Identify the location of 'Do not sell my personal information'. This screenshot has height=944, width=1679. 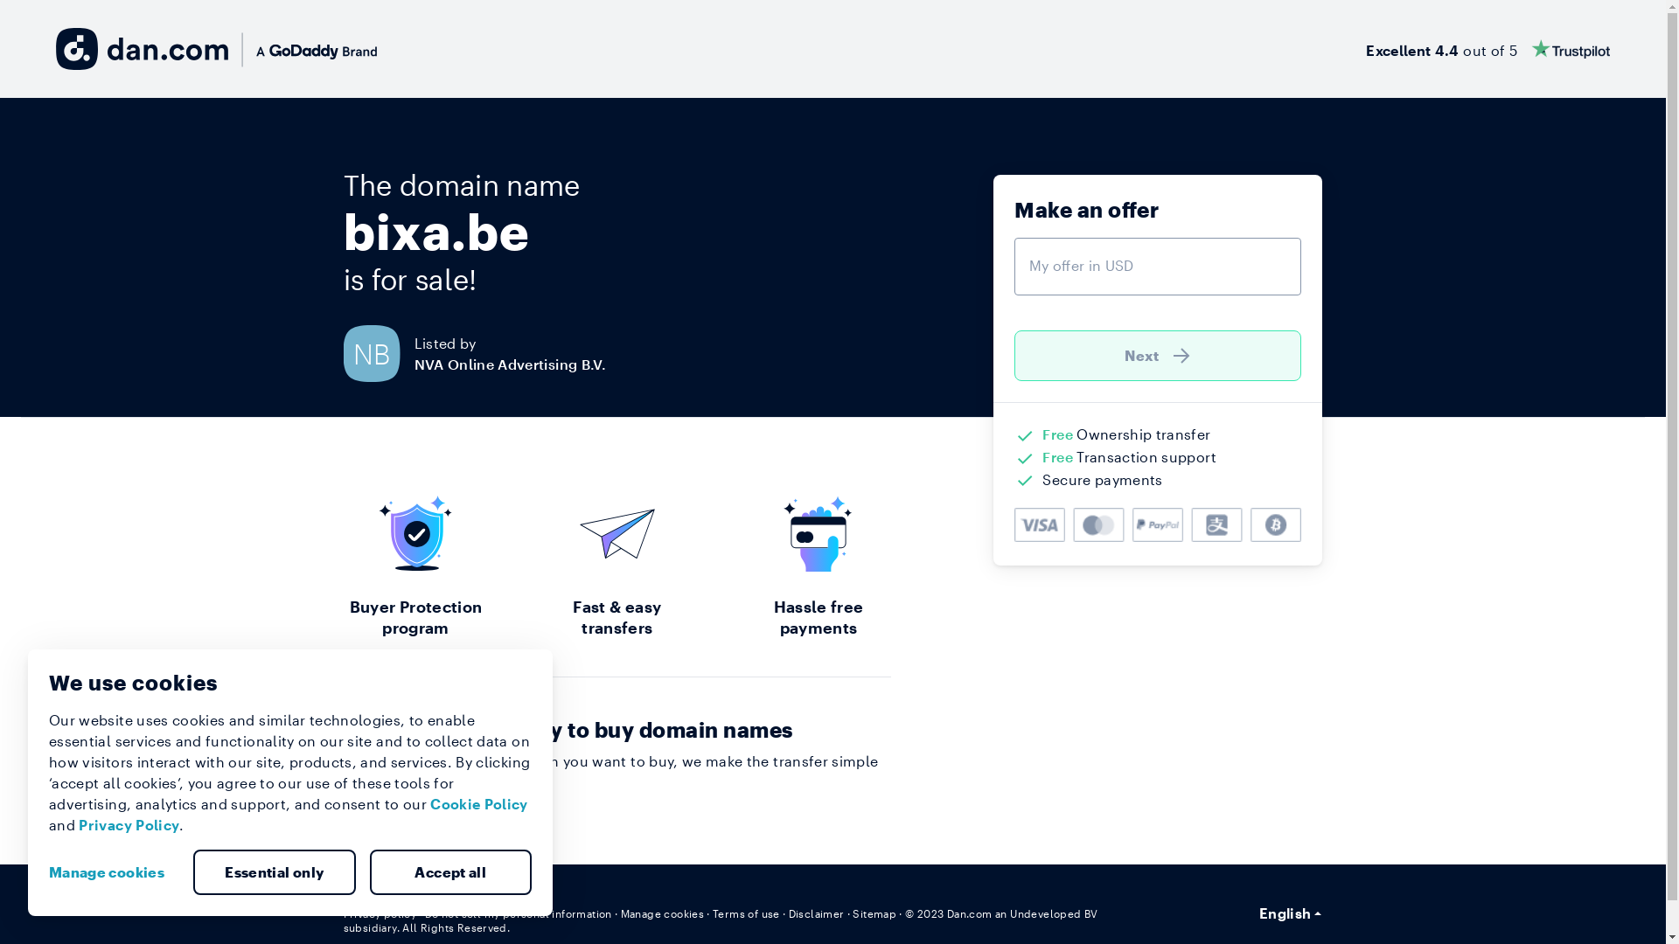
(518, 913).